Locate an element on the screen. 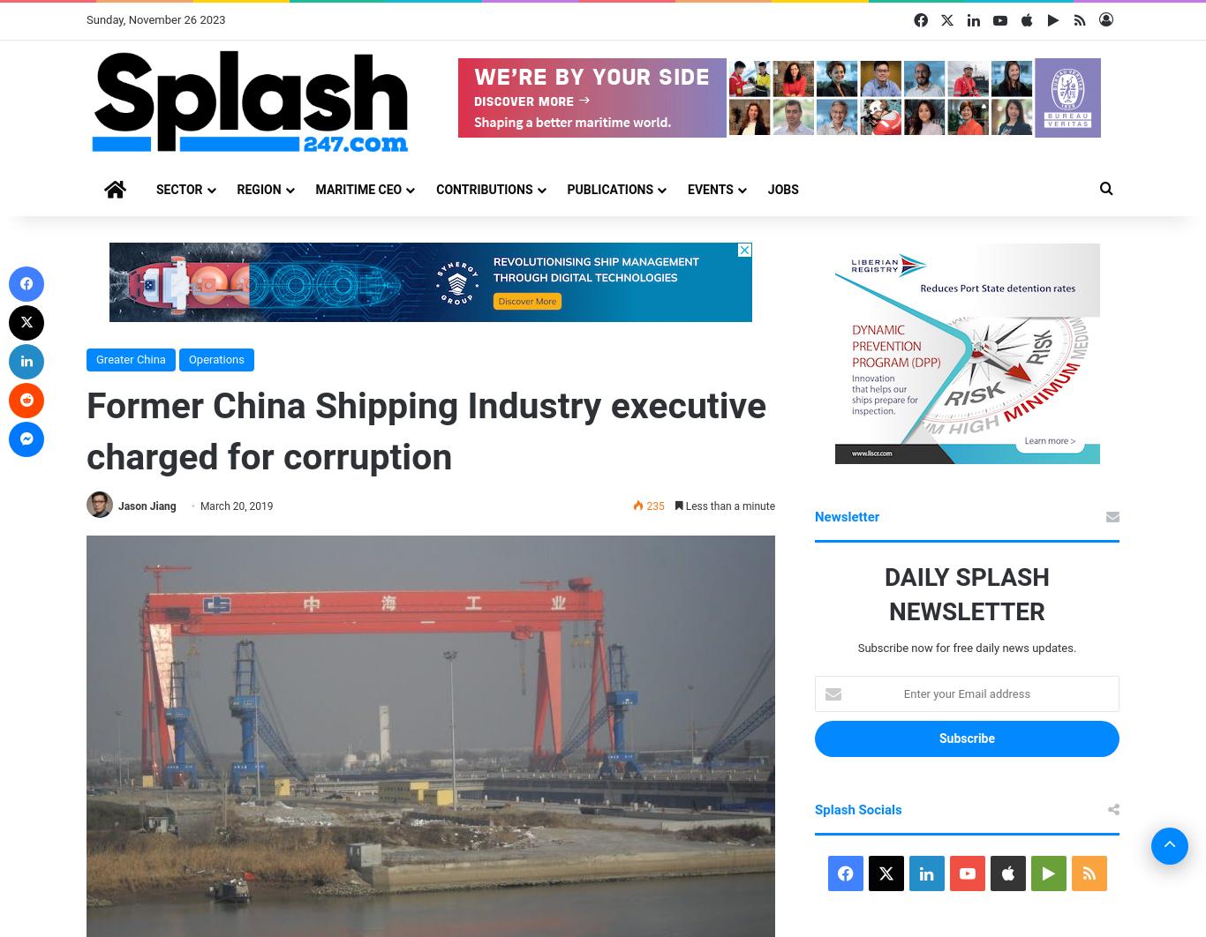 The height and width of the screenshot is (937, 1206). 'Maritime CEO' is located at coordinates (357, 189).